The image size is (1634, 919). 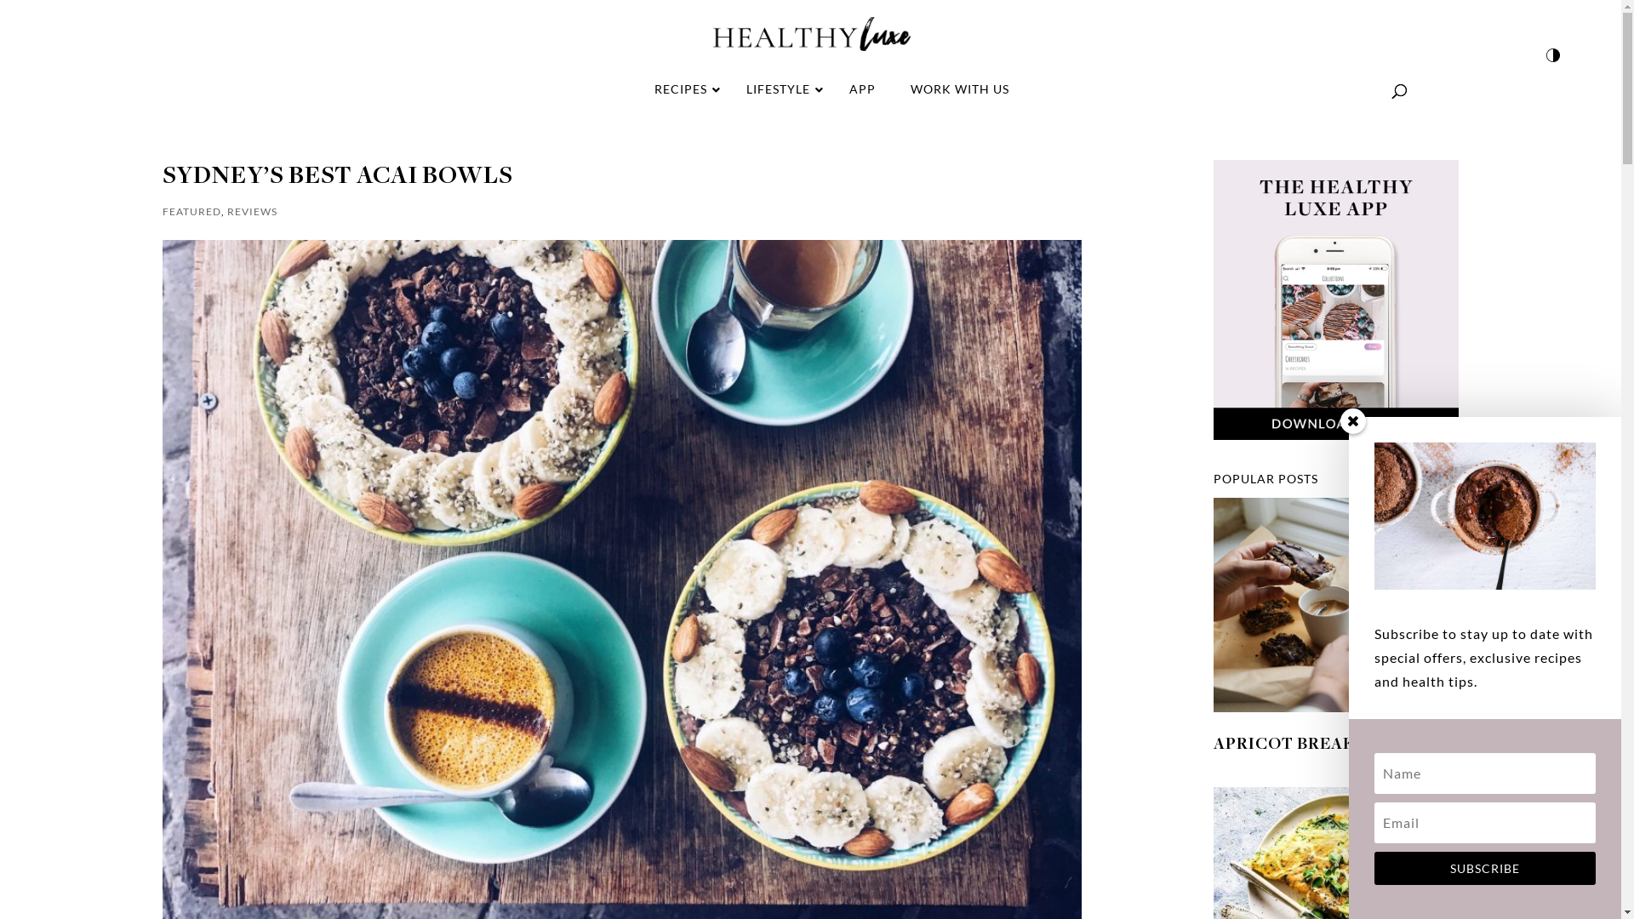 I want to click on 'REVIEWS', so click(x=250, y=210).